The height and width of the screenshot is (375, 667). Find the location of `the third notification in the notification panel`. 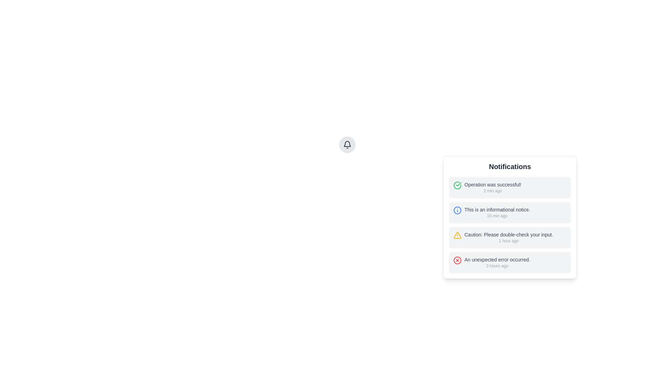

the third notification in the notification panel is located at coordinates (510, 237).